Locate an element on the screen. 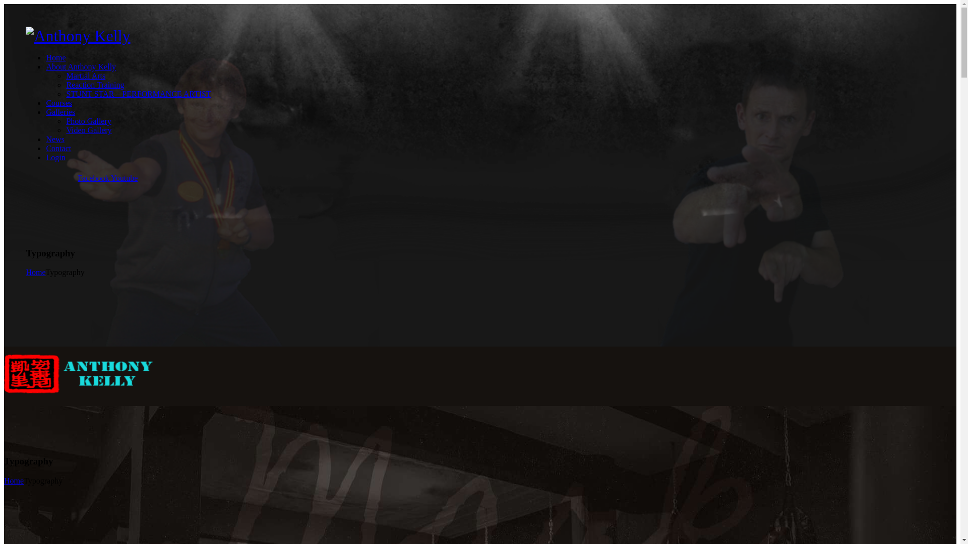 This screenshot has height=544, width=968. 'Youtube' is located at coordinates (124, 177).